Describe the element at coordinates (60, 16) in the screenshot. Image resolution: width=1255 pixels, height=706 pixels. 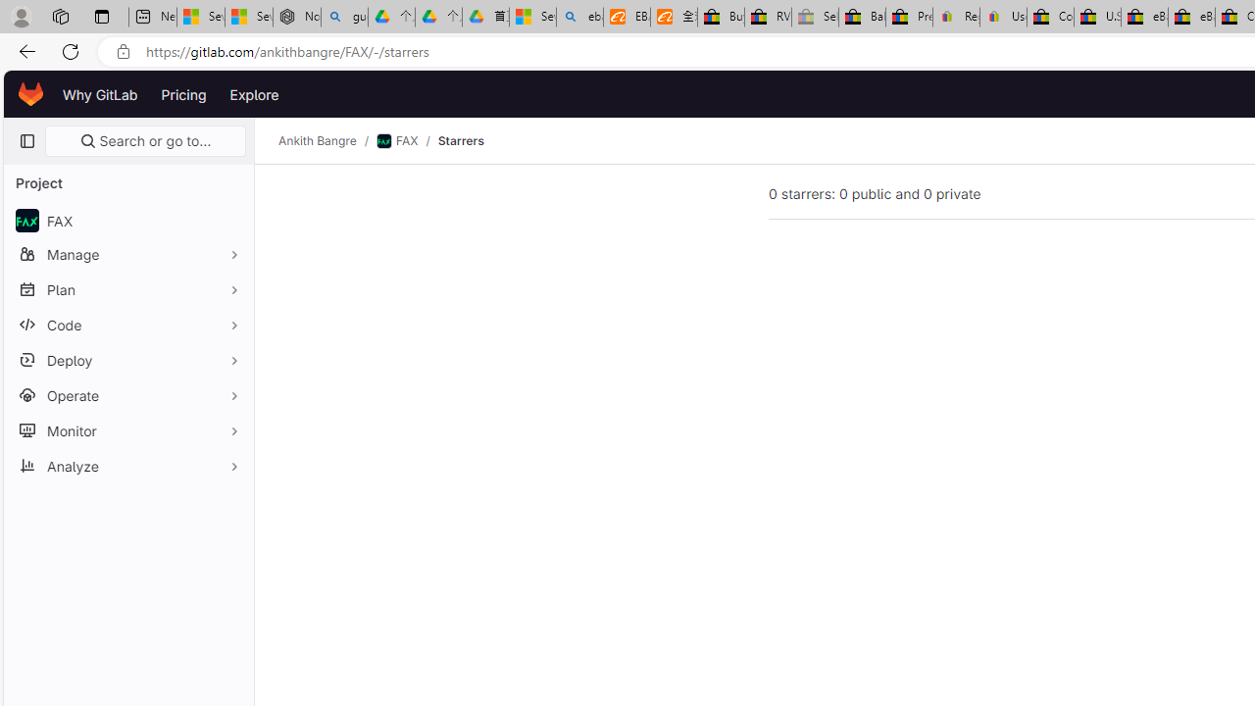
I see `'Workspaces'` at that location.